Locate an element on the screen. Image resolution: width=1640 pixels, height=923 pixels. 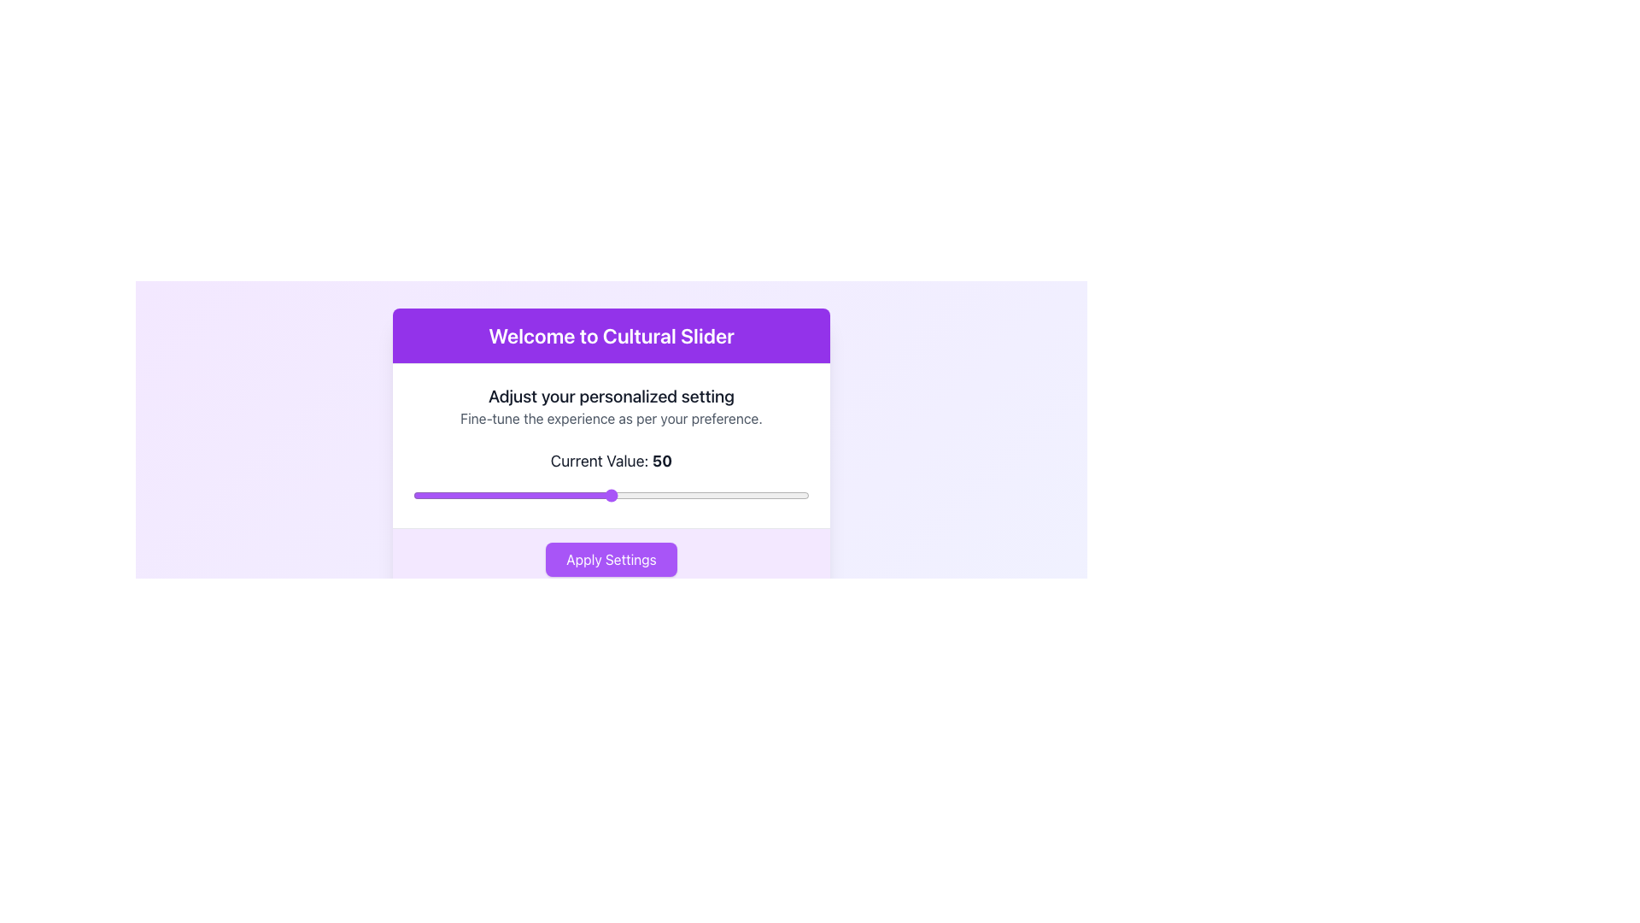
the adjustable slider located beneath the label 'Current Value: 50' is located at coordinates (611, 495).